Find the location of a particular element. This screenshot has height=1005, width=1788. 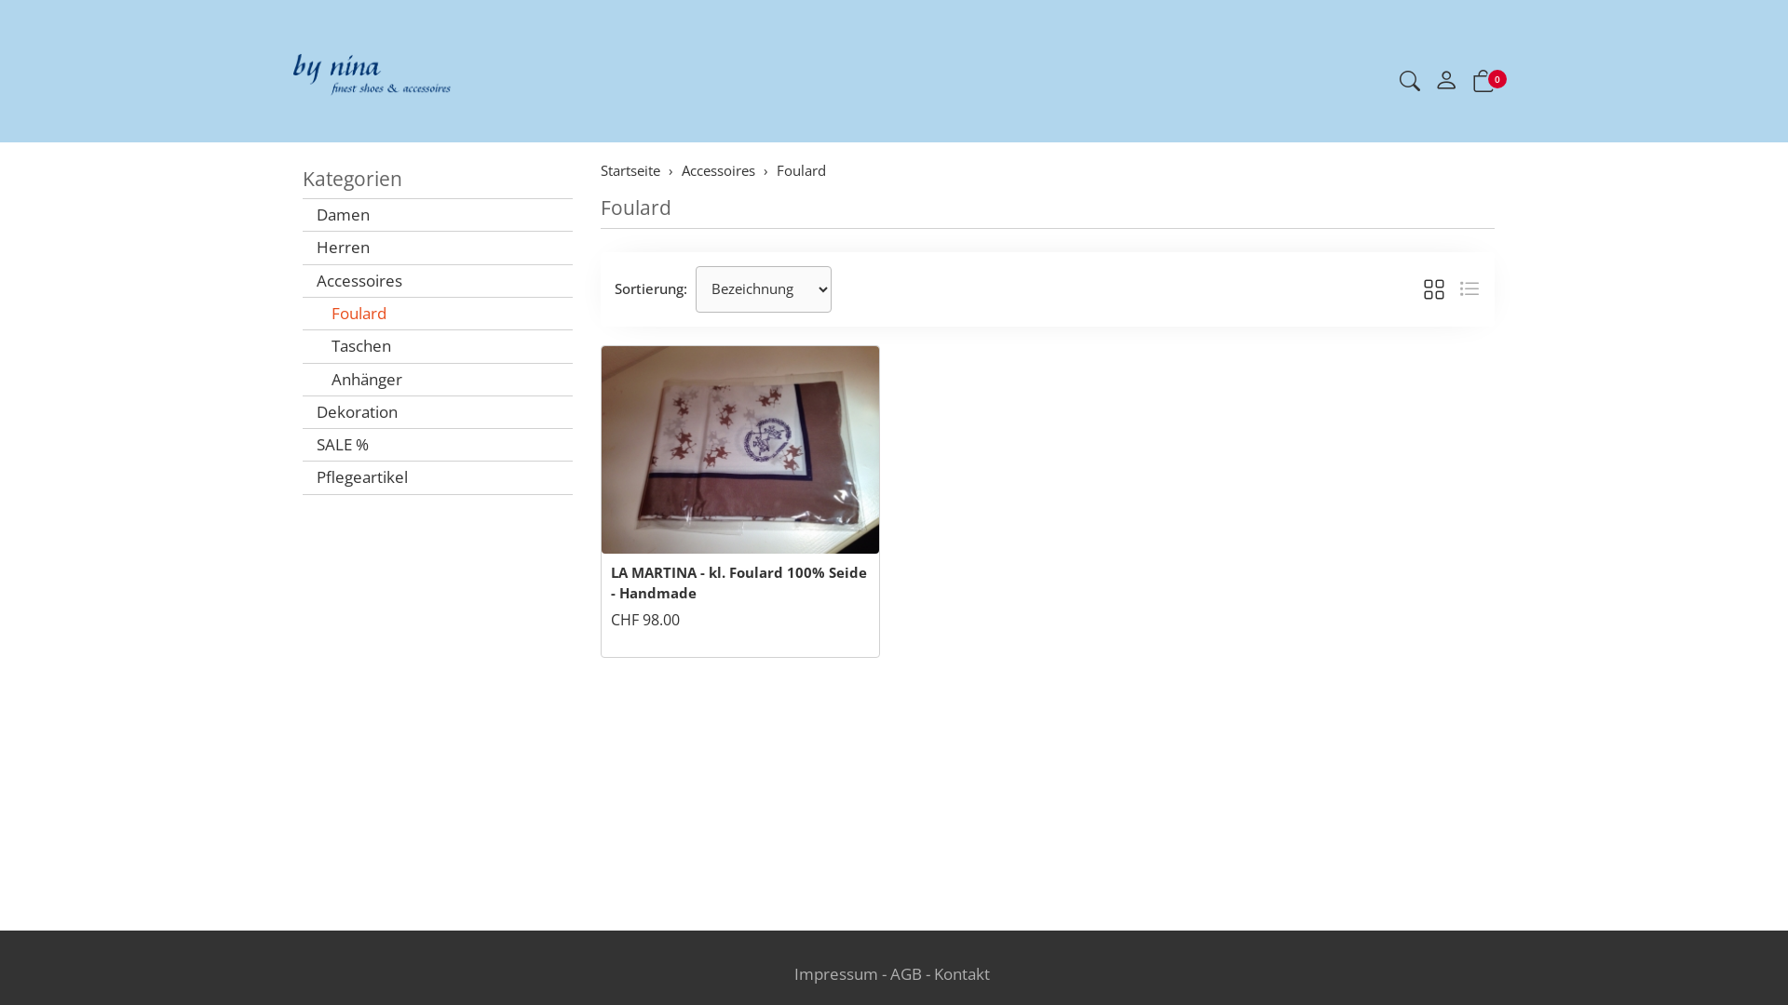

'Dekoration' is located at coordinates (437, 411).